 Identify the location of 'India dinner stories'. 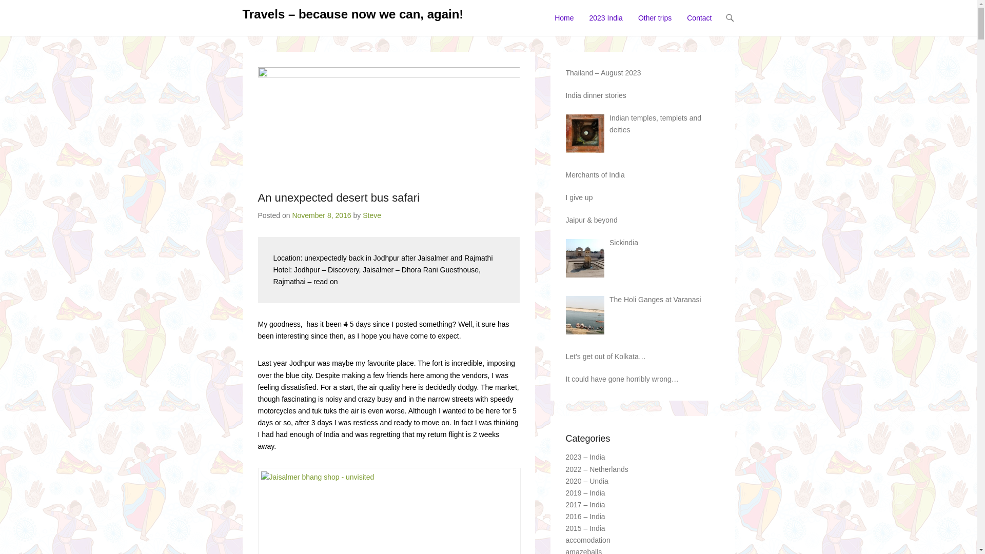
(596, 95).